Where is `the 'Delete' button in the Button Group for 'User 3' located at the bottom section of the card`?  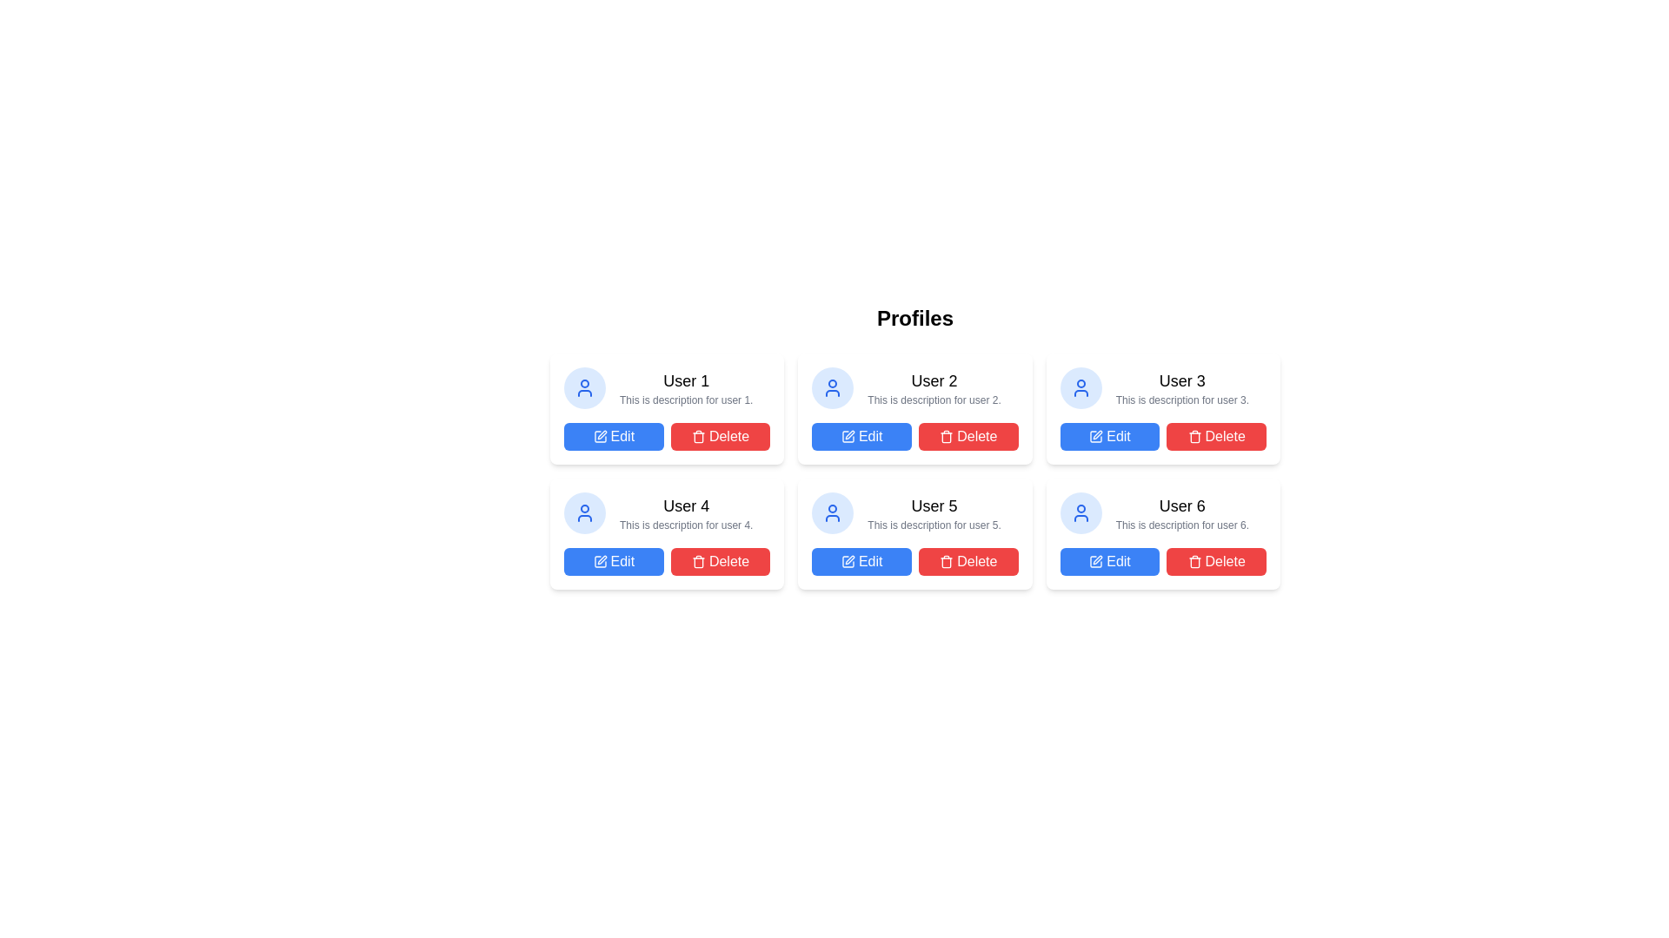
the 'Delete' button in the Button Group for 'User 3' located at the bottom section of the card is located at coordinates (1163, 435).